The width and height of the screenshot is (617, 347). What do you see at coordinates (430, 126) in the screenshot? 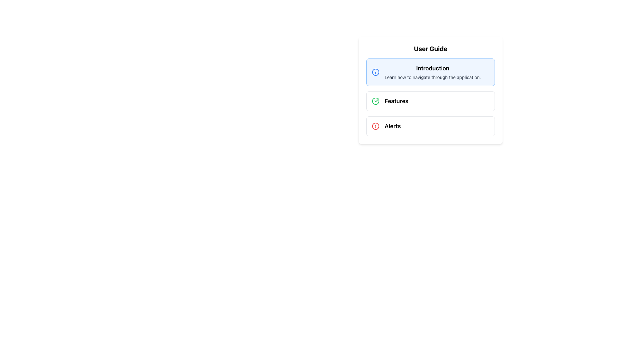
I see `the third navigational button labeled 'Alerts' located within the 'User Guide' section` at bounding box center [430, 126].